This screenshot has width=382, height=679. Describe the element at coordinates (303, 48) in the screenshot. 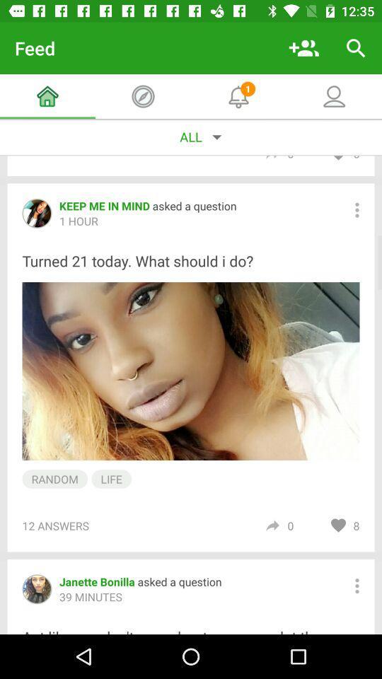

I see `icon next to the feed icon` at that location.